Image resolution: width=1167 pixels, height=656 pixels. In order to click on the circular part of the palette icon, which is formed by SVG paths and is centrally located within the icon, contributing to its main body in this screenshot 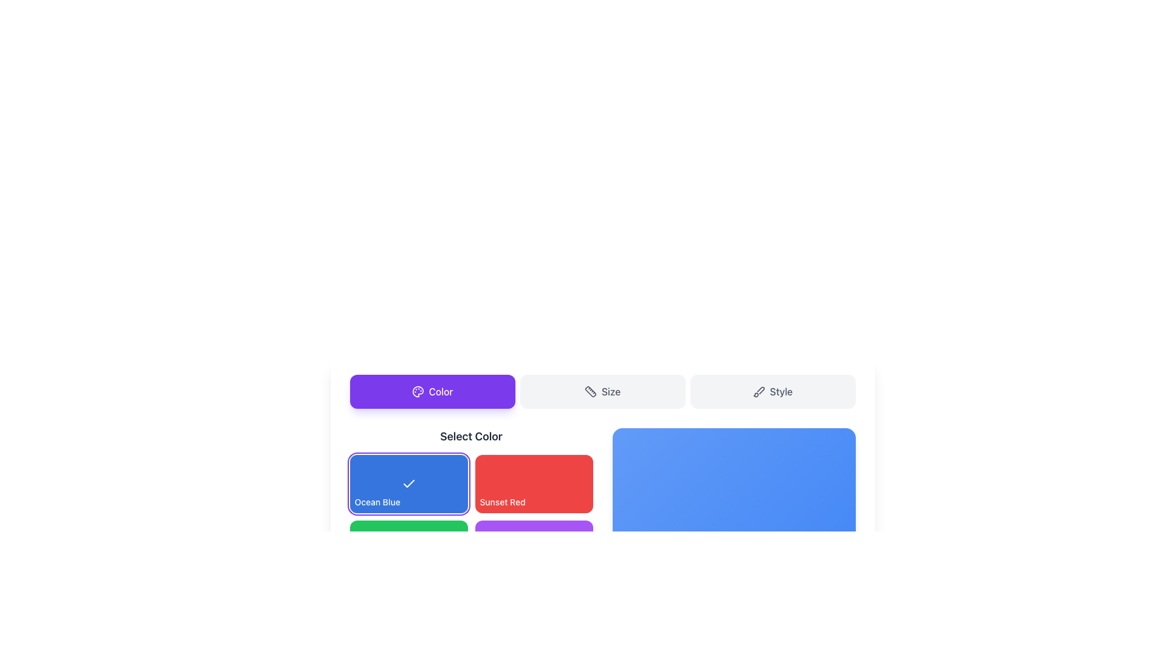, I will do `click(418, 391)`.